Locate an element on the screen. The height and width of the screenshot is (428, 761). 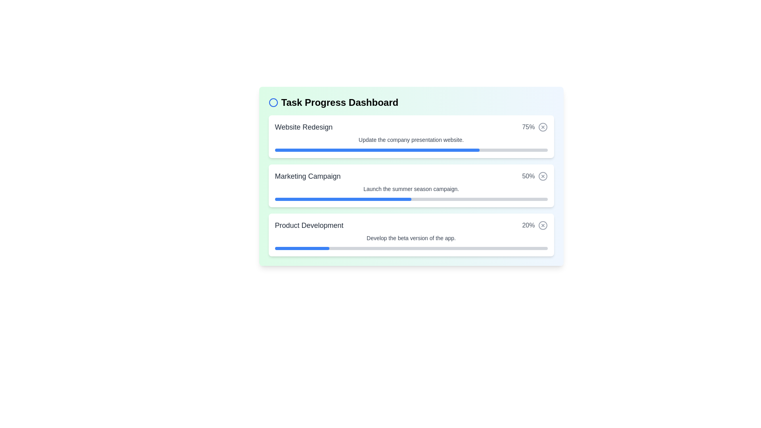
the Task progress card that displays the progress status of the 'Product Development' task, which is the third card in a vertical list of similar cards is located at coordinates (411, 235).